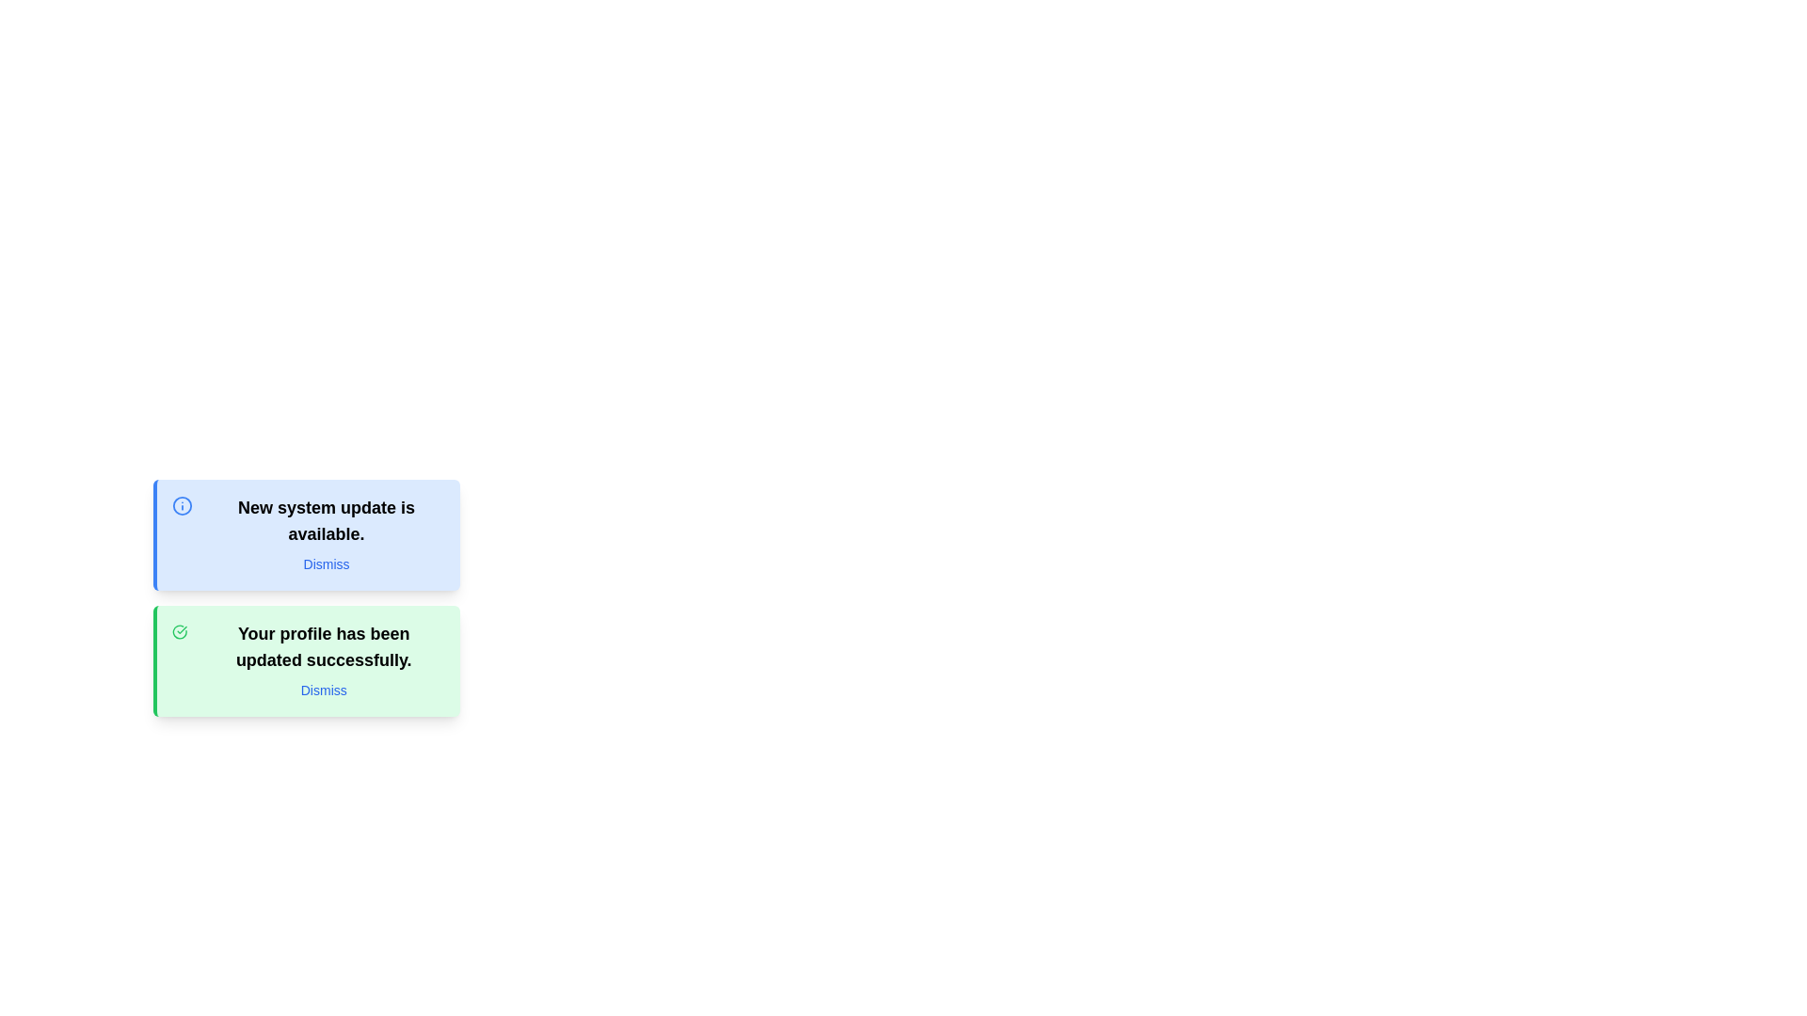  I want to click on the static text that informs the user about the successful update of their profile, which is located in the lower notification card above the 'Dismiss' link, so click(324, 645).